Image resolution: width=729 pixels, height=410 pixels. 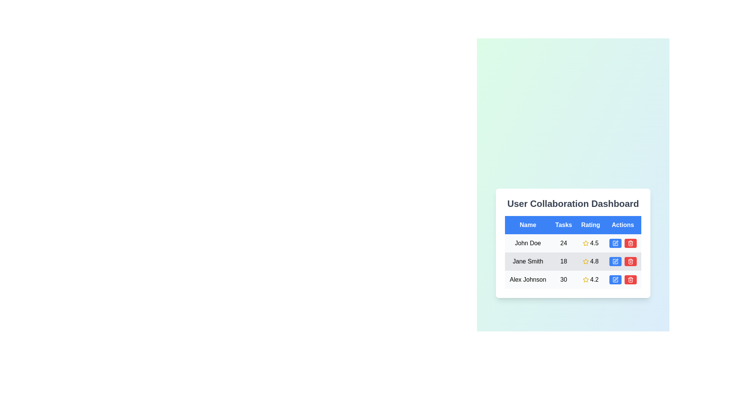 I want to click on the edit button located in the second row under the 'Actions' column of the table, so click(x=615, y=261).